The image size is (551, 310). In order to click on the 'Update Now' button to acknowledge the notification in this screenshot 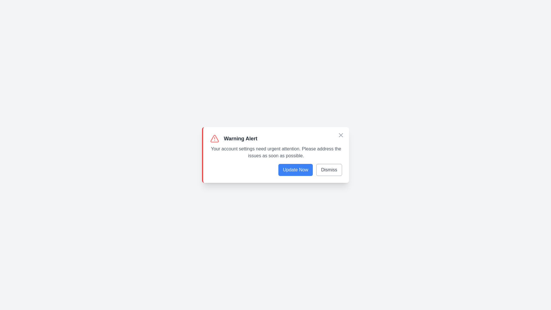, I will do `click(295, 169)`.